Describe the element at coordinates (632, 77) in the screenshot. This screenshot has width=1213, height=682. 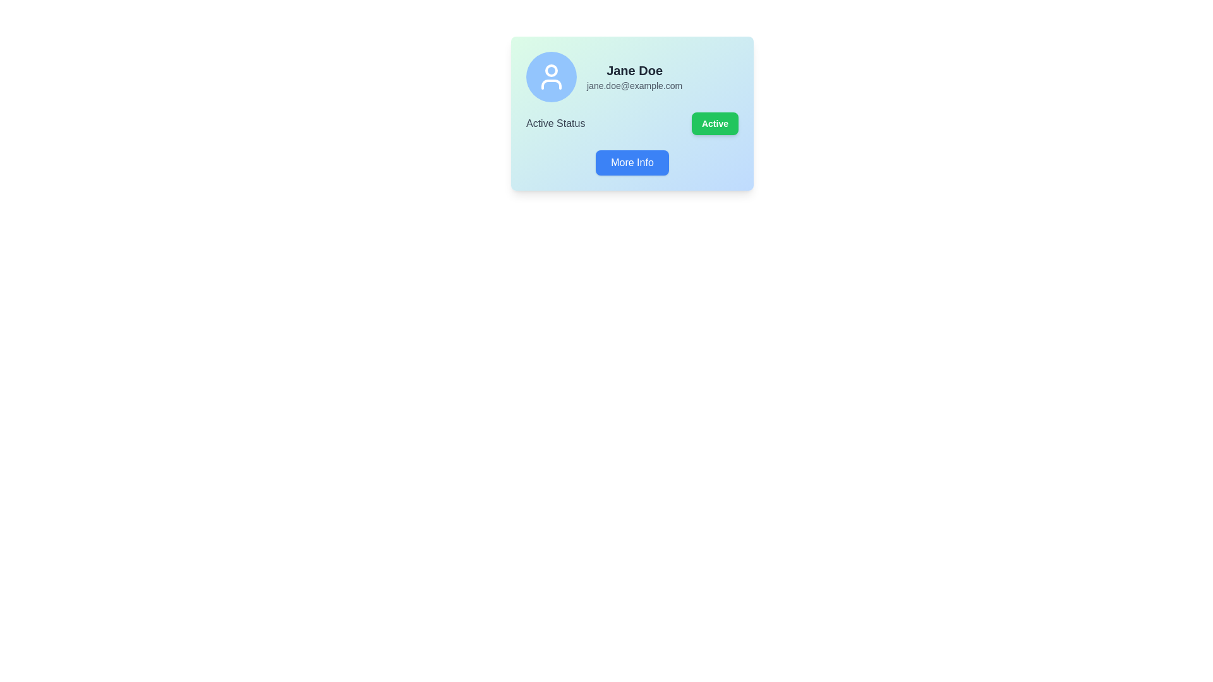
I see `the profile header composite element, which includes the user's name and email` at that location.